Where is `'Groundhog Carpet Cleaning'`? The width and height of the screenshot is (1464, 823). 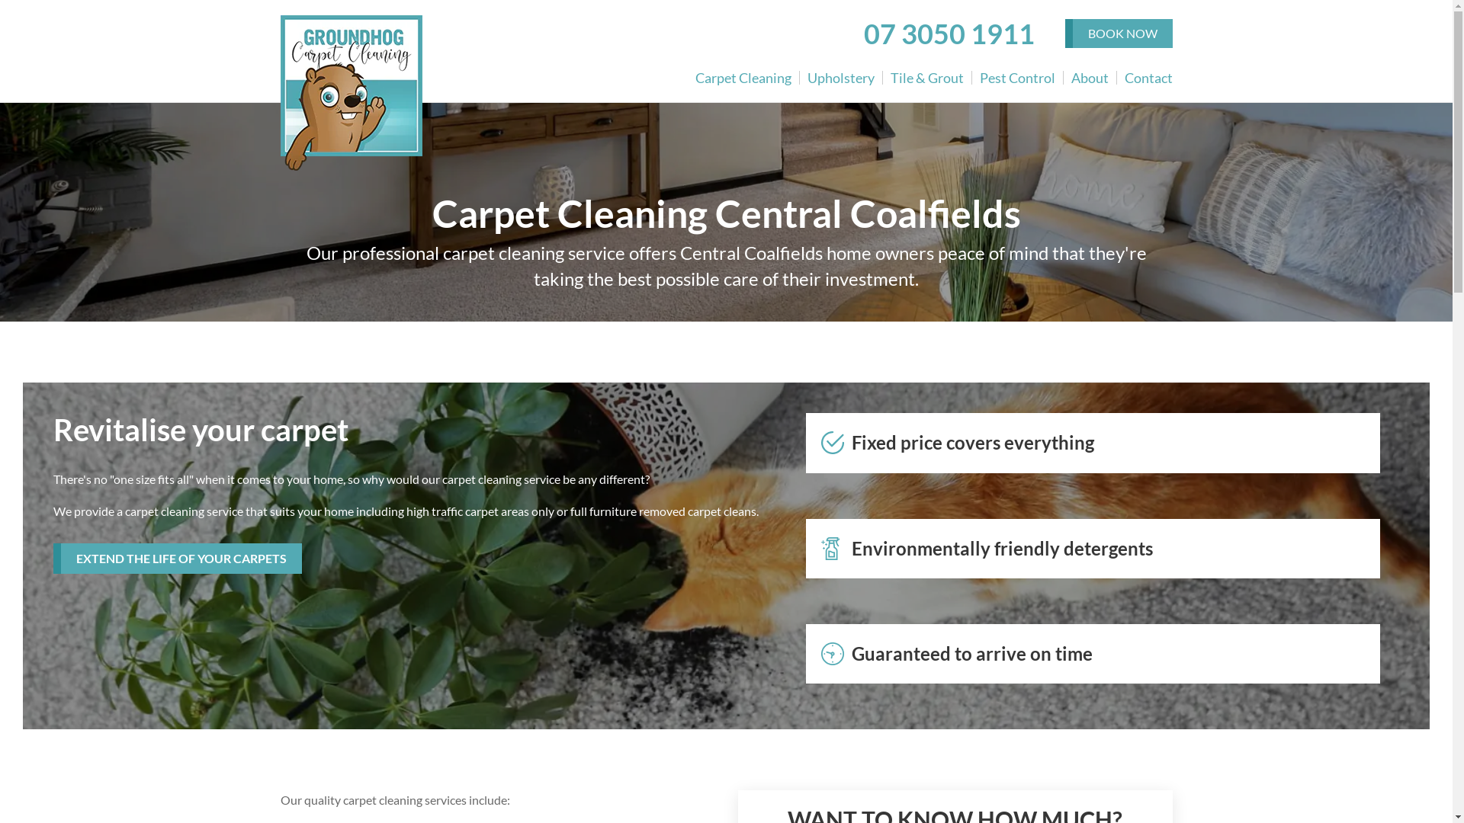
'Groundhog Carpet Cleaning' is located at coordinates (350, 93).